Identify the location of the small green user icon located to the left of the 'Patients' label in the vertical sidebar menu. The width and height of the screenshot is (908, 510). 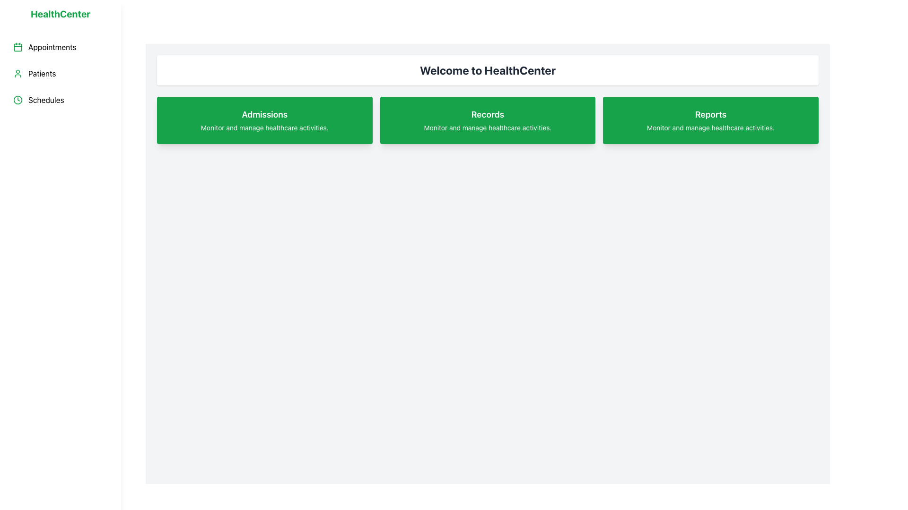
(18, 73).